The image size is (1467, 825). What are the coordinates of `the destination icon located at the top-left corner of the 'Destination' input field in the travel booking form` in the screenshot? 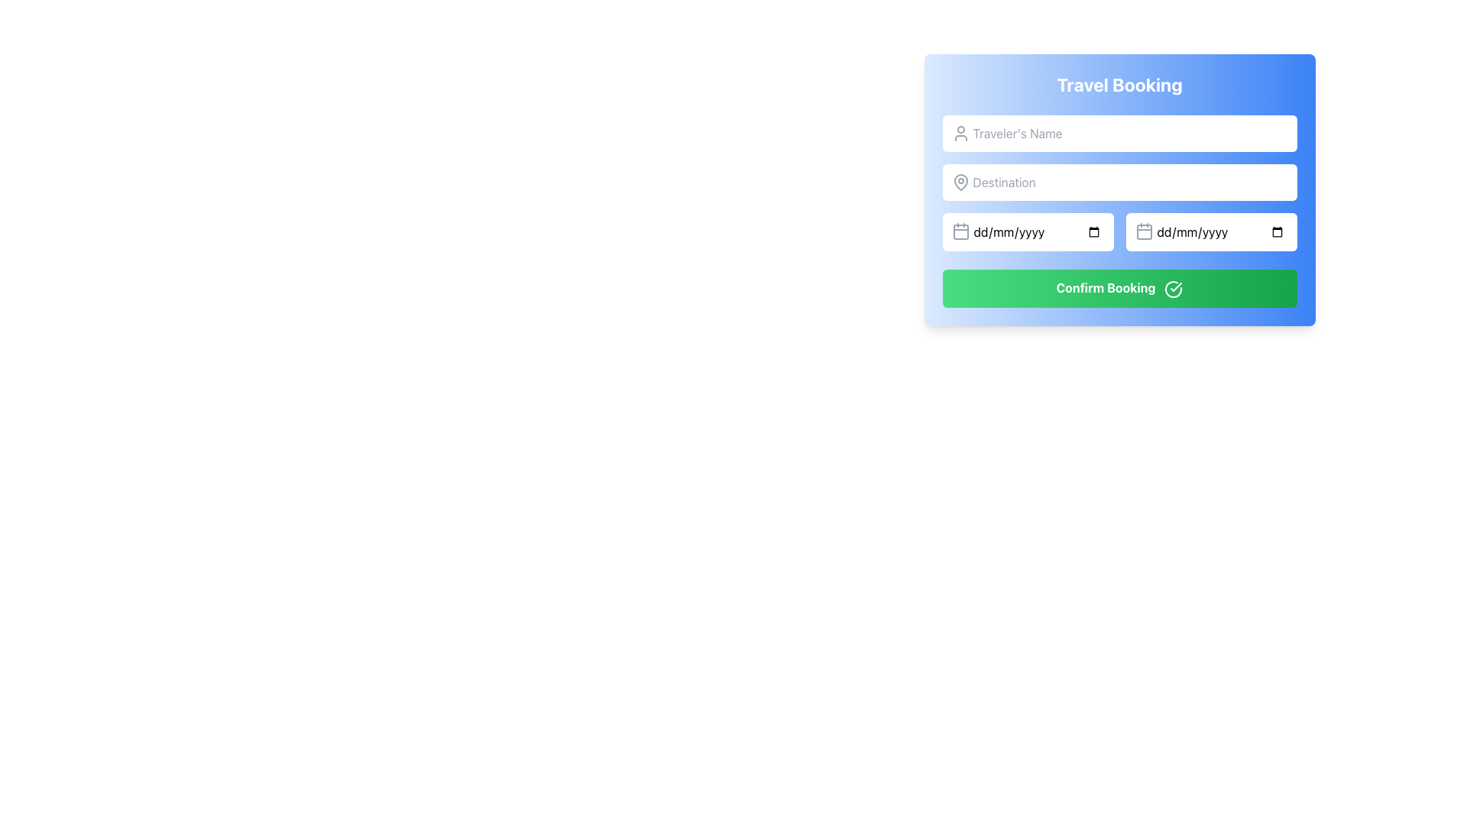 It's located at (960, 182).